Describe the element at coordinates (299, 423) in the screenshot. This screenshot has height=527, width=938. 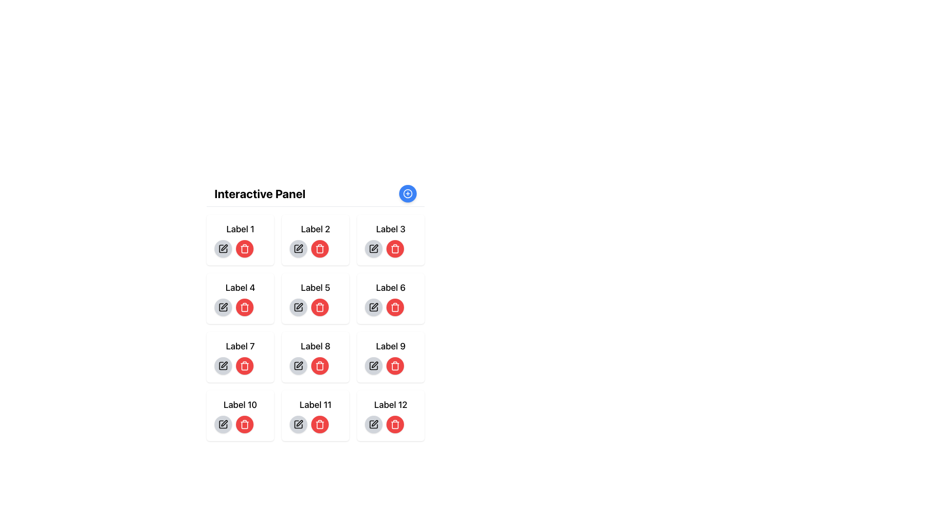
I see `the edit icon button, which is a small pen-shaped icon located in the eleventh cell of a 4x3 grid layout` at that location.